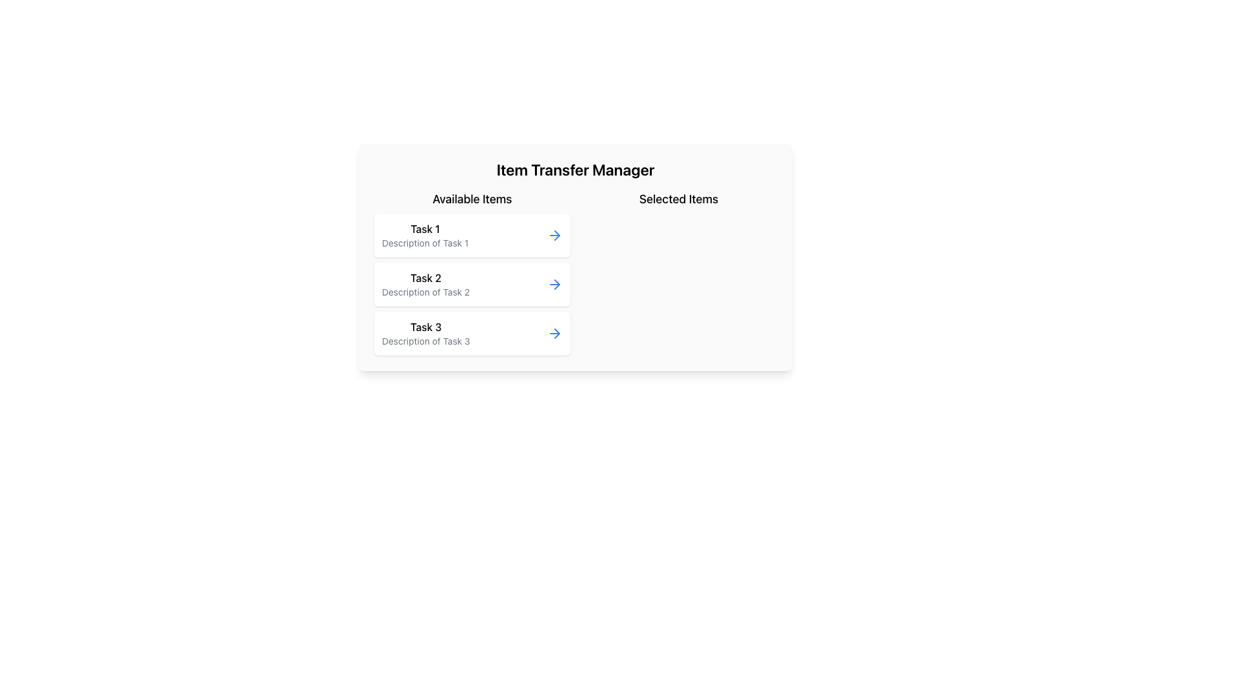 The width and height of the screenshot is (1239, 697). What do you see at coordinates (554, 236) in the screenshot?
I see `the interactive blue arrow icon located on the far right side of the first task item labeled 'Task 1'` at bounding box center [554, 236].